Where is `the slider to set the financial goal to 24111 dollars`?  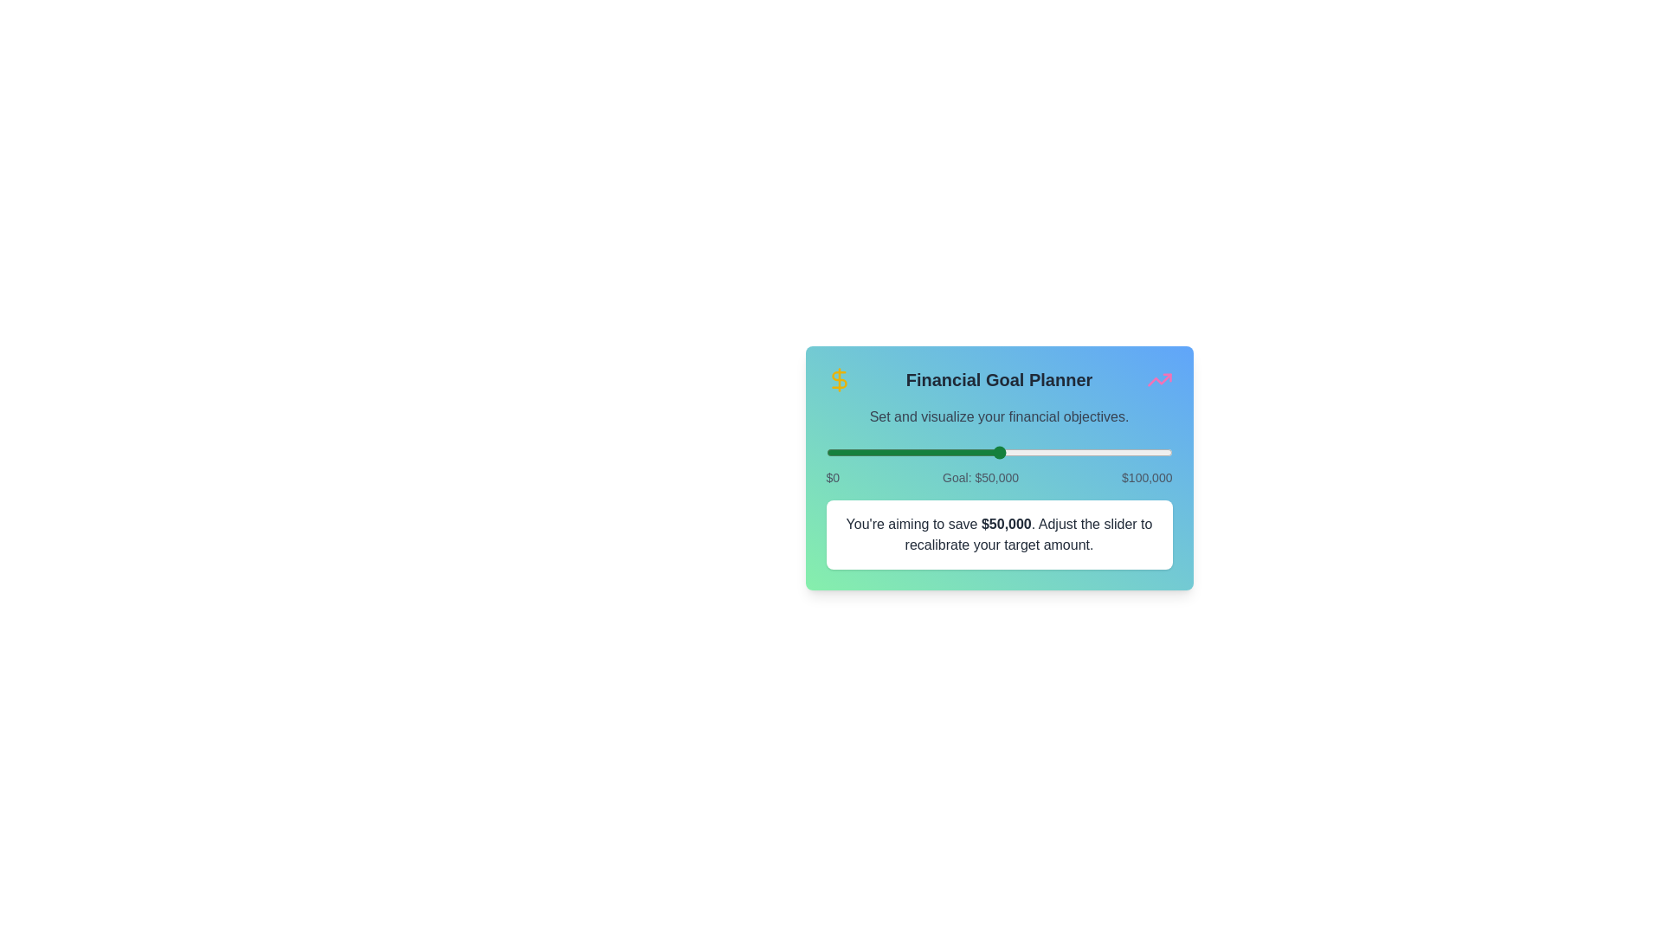
the slider to set the financial goal to 24111 dollars is located at coordinates (909, 452).